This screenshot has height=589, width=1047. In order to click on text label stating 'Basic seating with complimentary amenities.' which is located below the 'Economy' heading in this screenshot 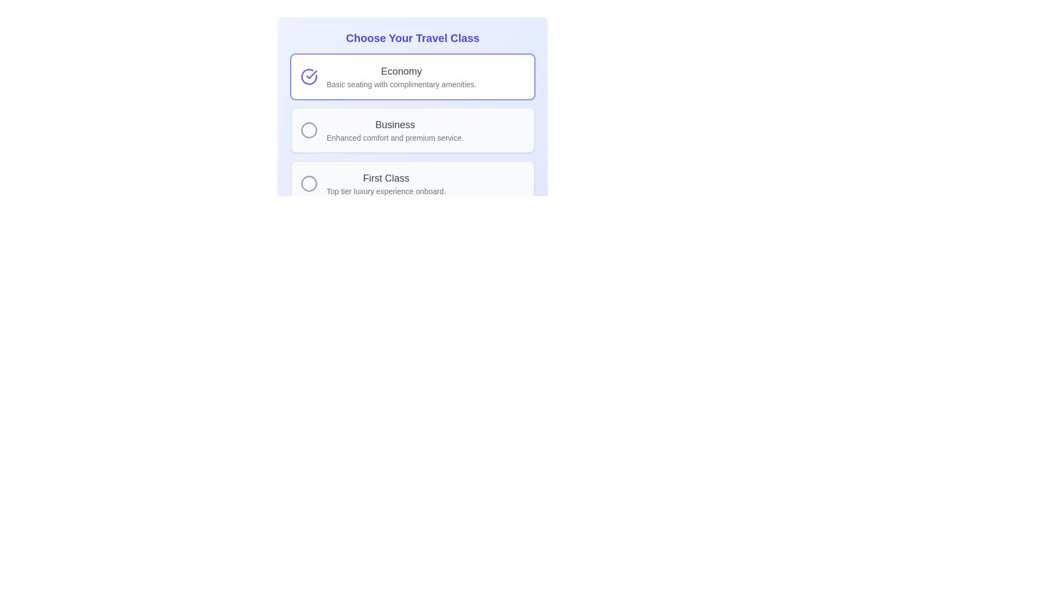, I will do `click(401, 83)`.